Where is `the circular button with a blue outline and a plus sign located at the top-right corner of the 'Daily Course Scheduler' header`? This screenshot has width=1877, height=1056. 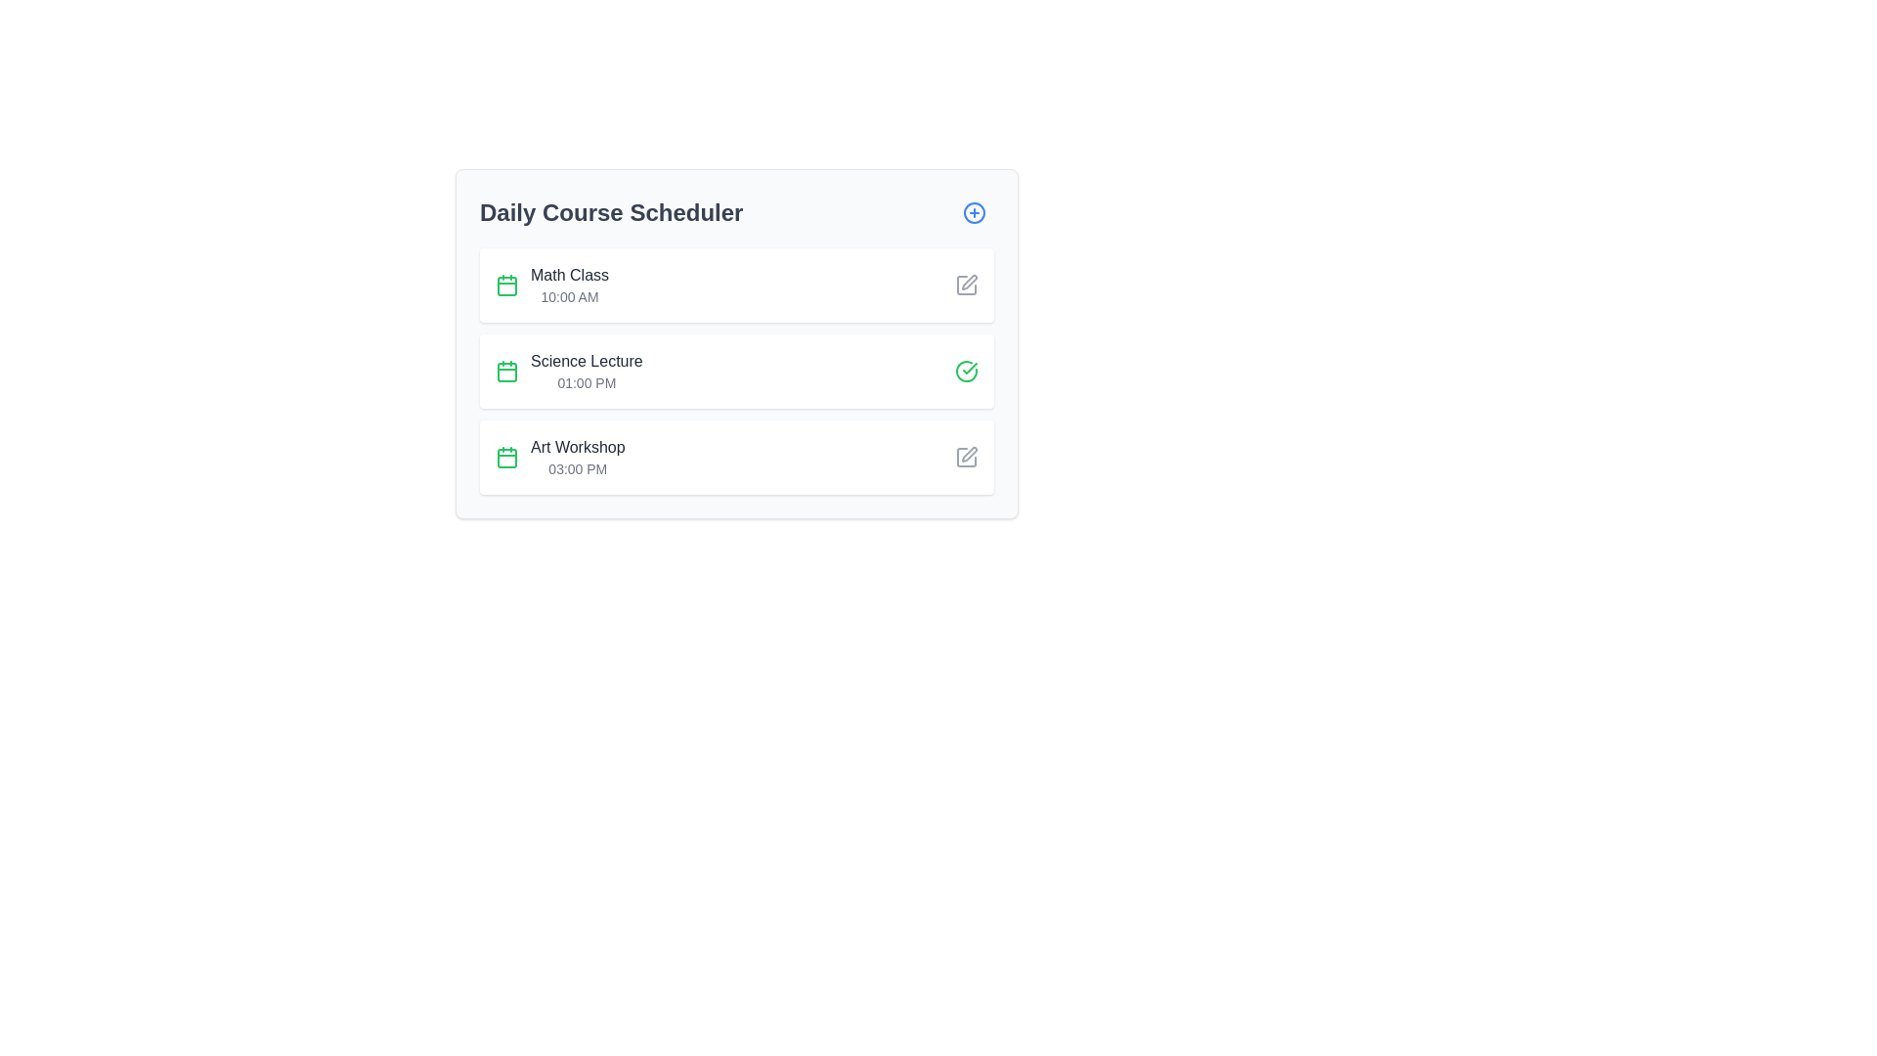
the circular button with a blue outline and a plus sign located at the top-right corner of the 'Daily Course Scheduler' header is located at coordinates (975, 213).